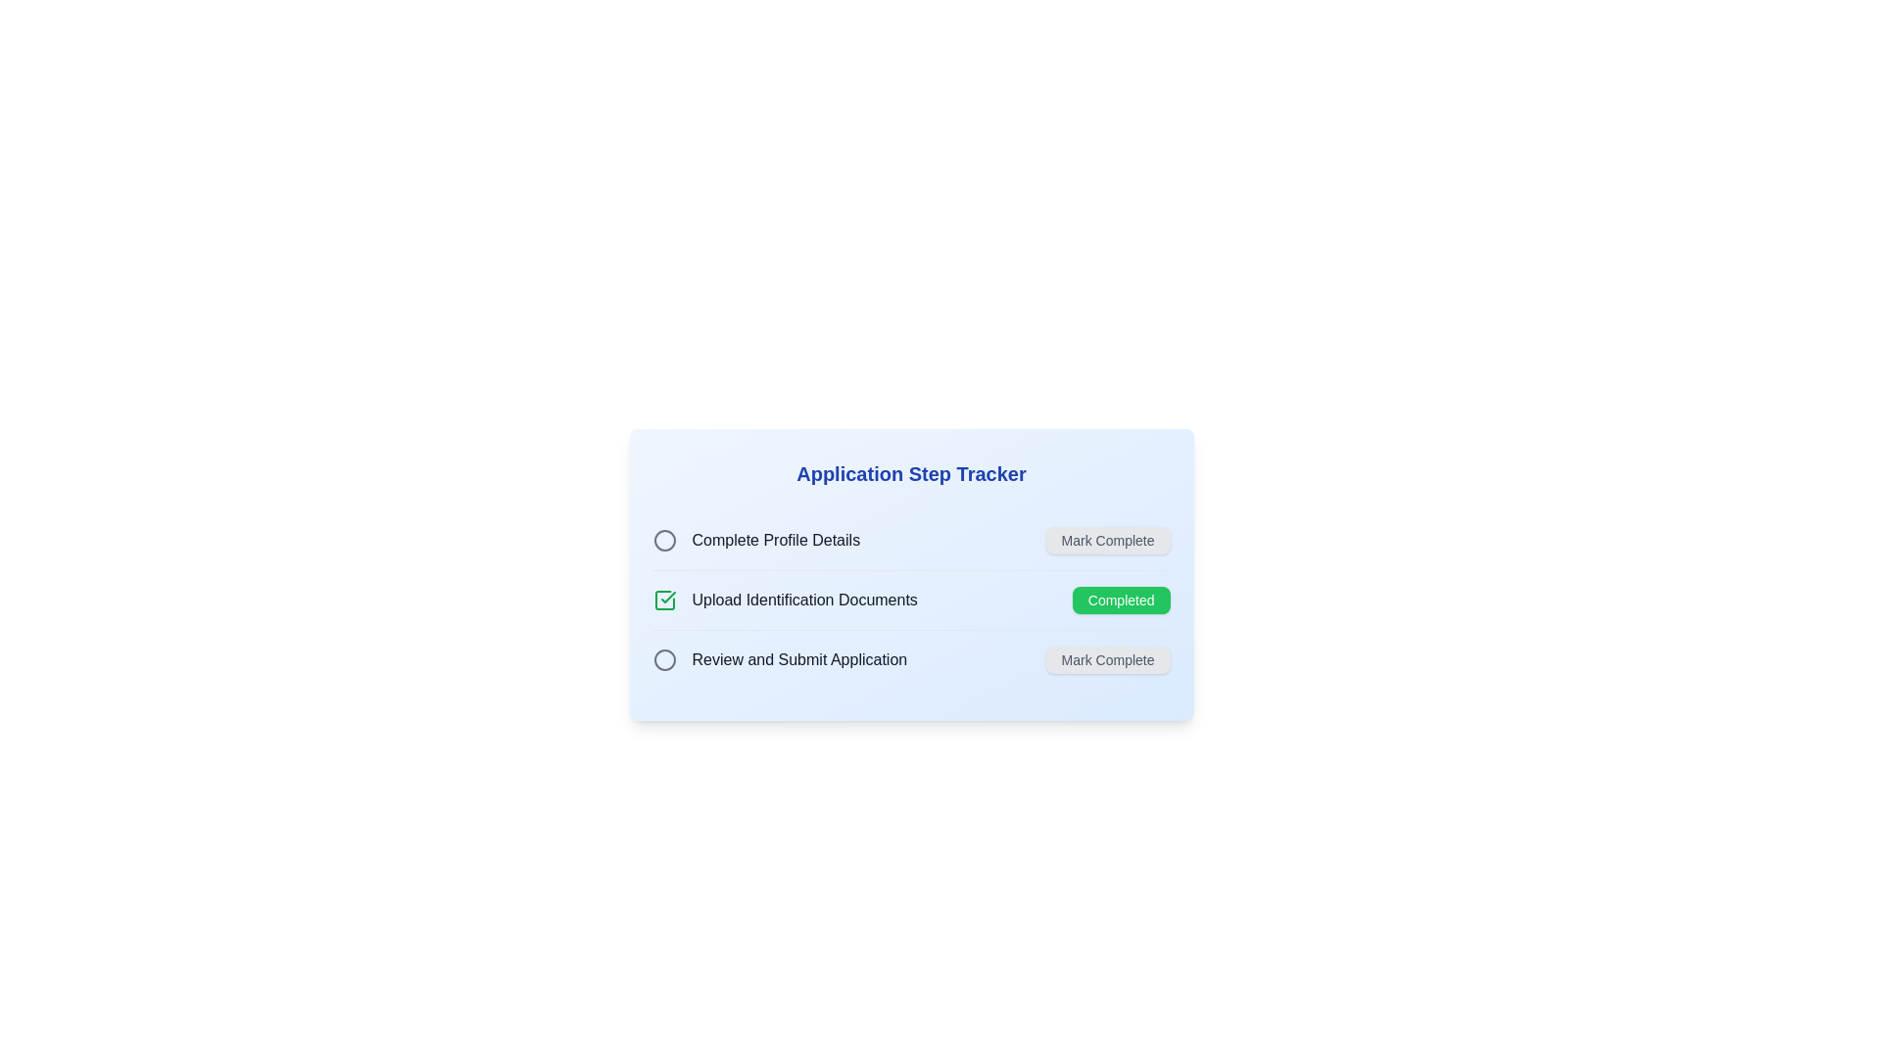  What do you see at coordinates (910, 573) in the screenshot?
I see `the Step indicator with action button that describes 'Upload Identification Documents'` at bounding box center [910, 573].